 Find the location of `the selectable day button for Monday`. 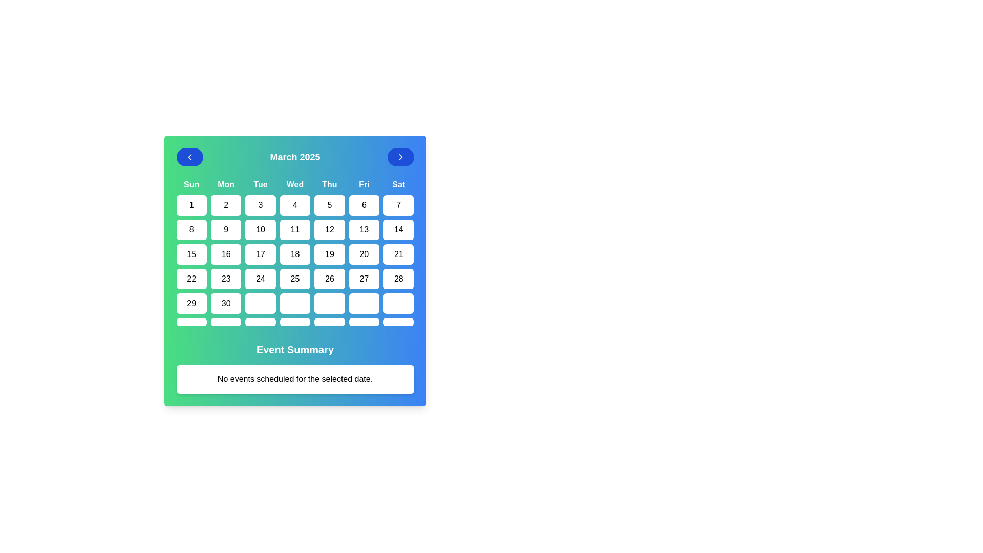

the selectable day button for Monday is located at coordinates (225, 321).